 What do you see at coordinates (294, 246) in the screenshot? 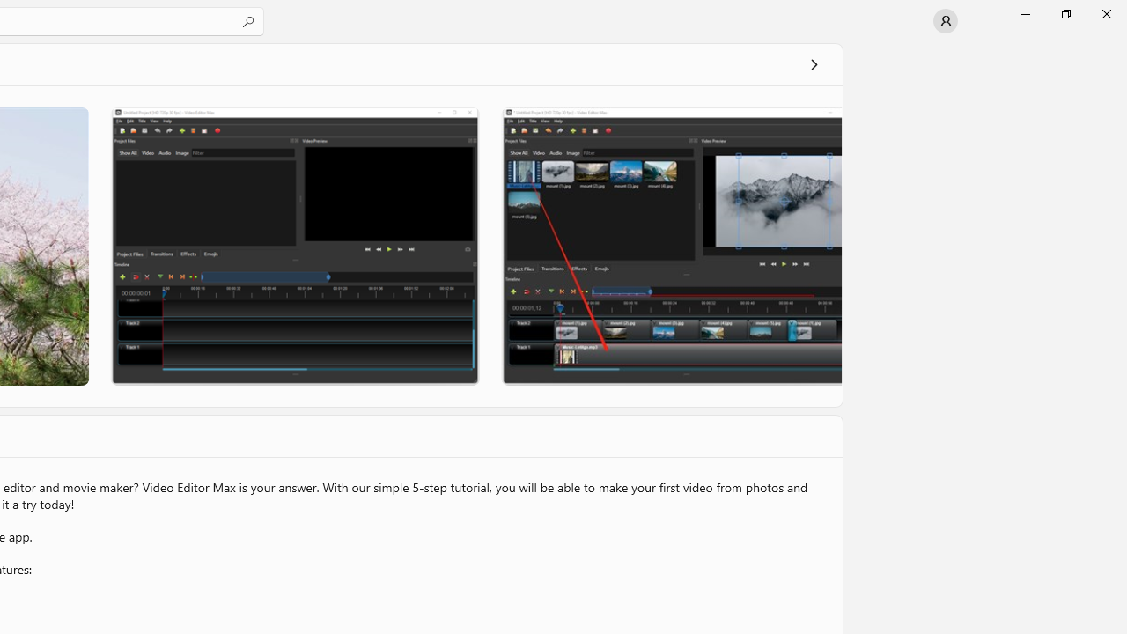
I see `'Screenshot 2'` at bounding box center [294, 246].